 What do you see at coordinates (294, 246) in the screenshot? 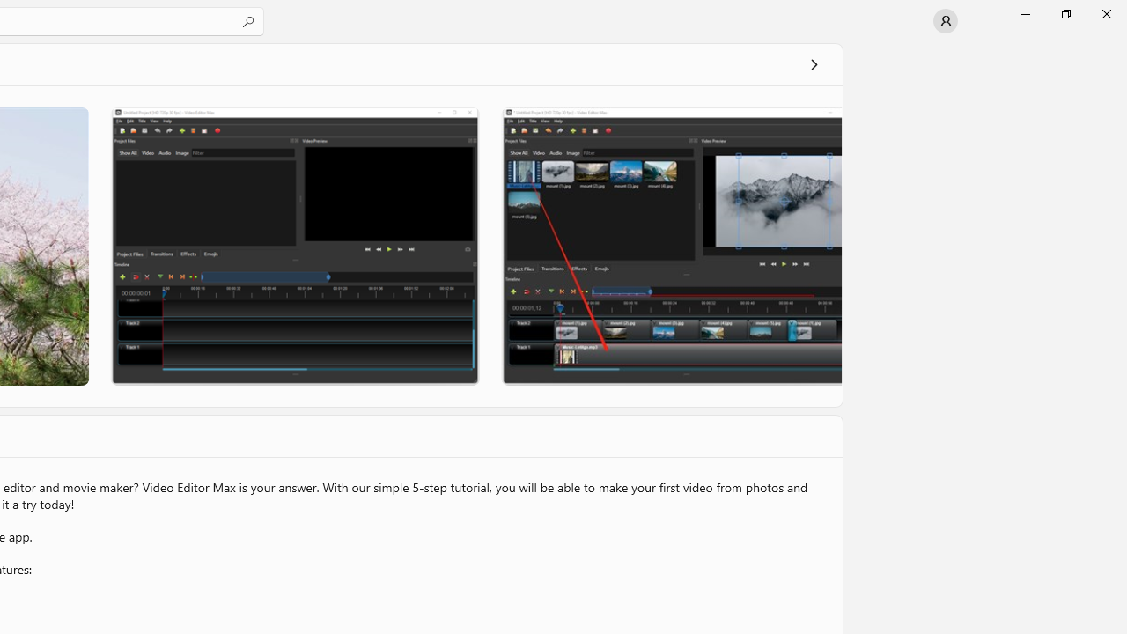
I see `'Screenshot 2'` at bounding box center [294, 246].